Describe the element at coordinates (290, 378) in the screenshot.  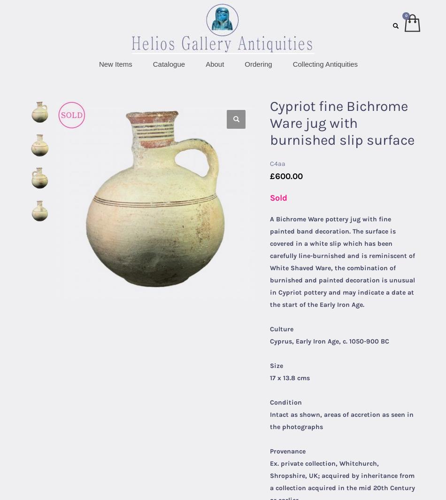
I see `'17 x 13.8 cms'` at that location.